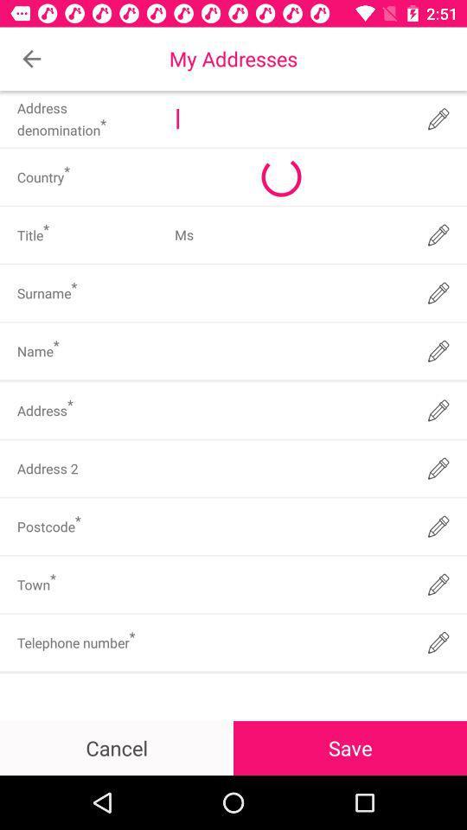 This screenshot has height=830, width=467. Describe the element at coordinates (290, 584) in the screenshot. I see `text` at that location.